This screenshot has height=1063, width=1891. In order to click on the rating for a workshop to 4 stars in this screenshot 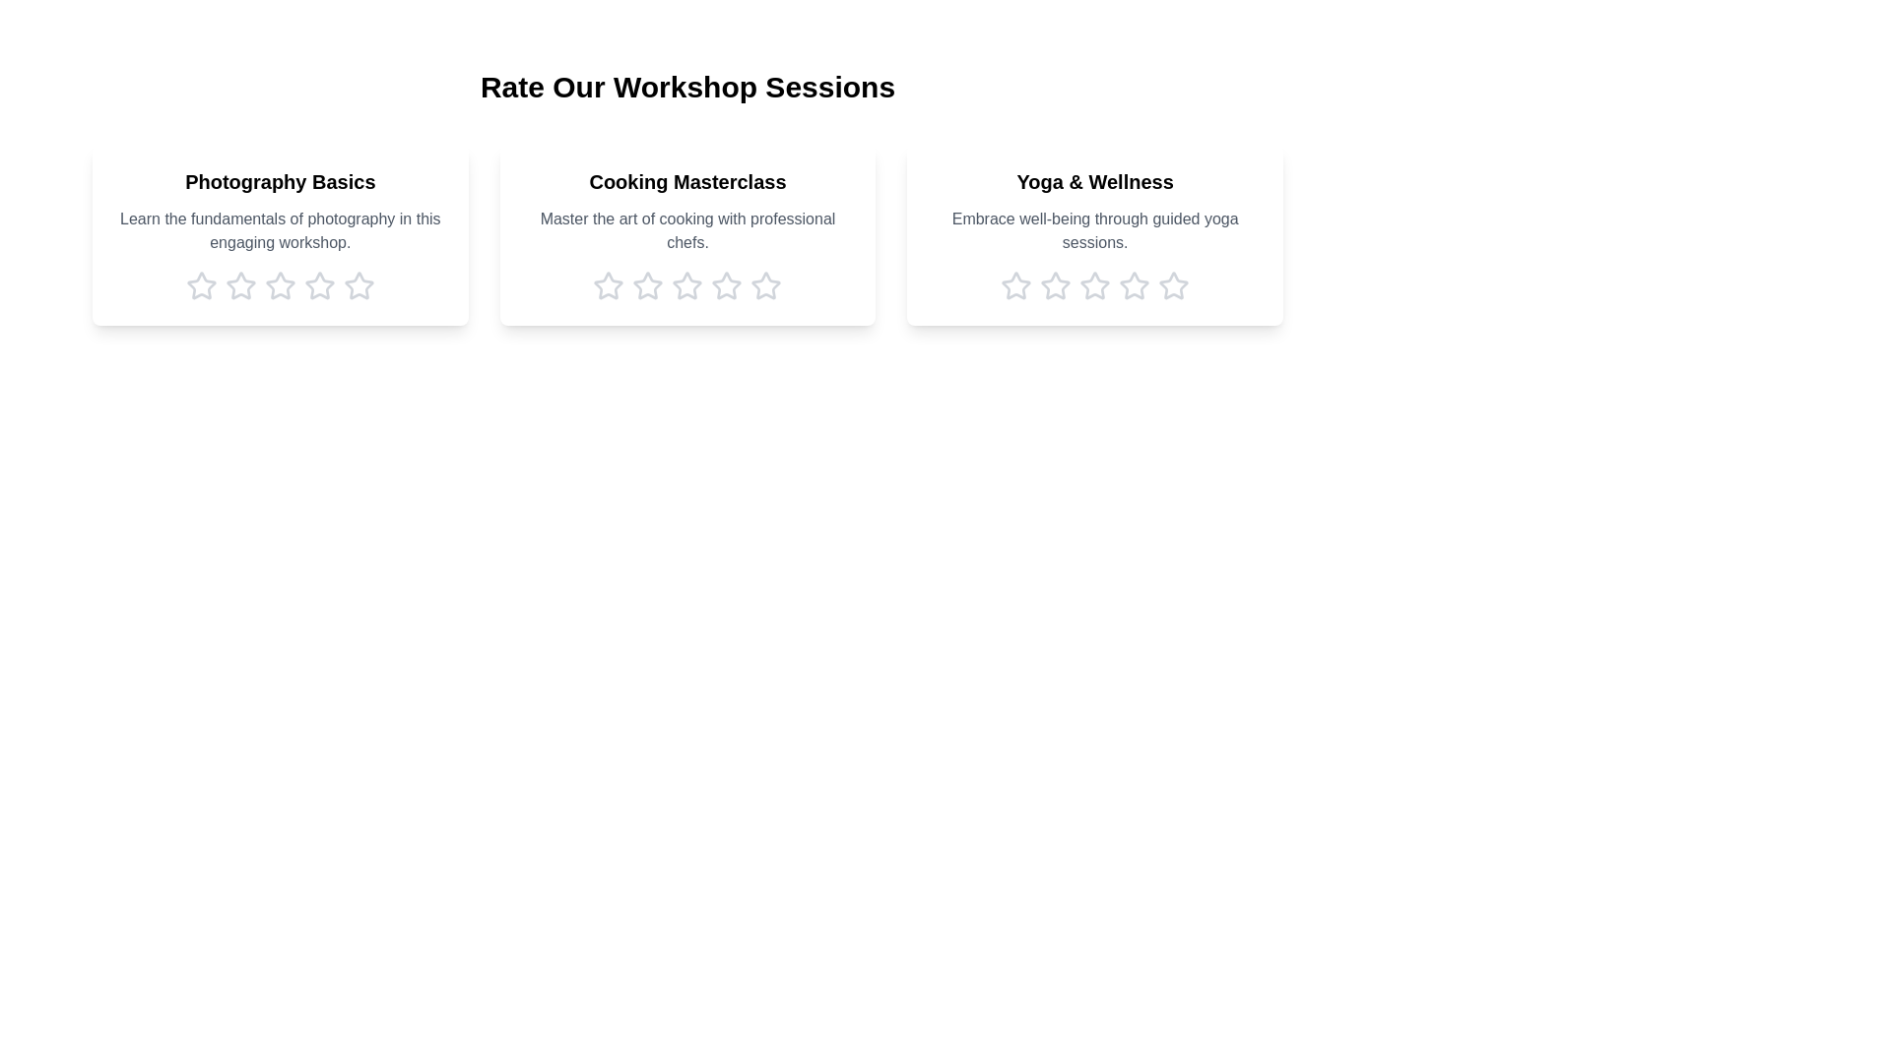, I will do `click(319, 285)`.